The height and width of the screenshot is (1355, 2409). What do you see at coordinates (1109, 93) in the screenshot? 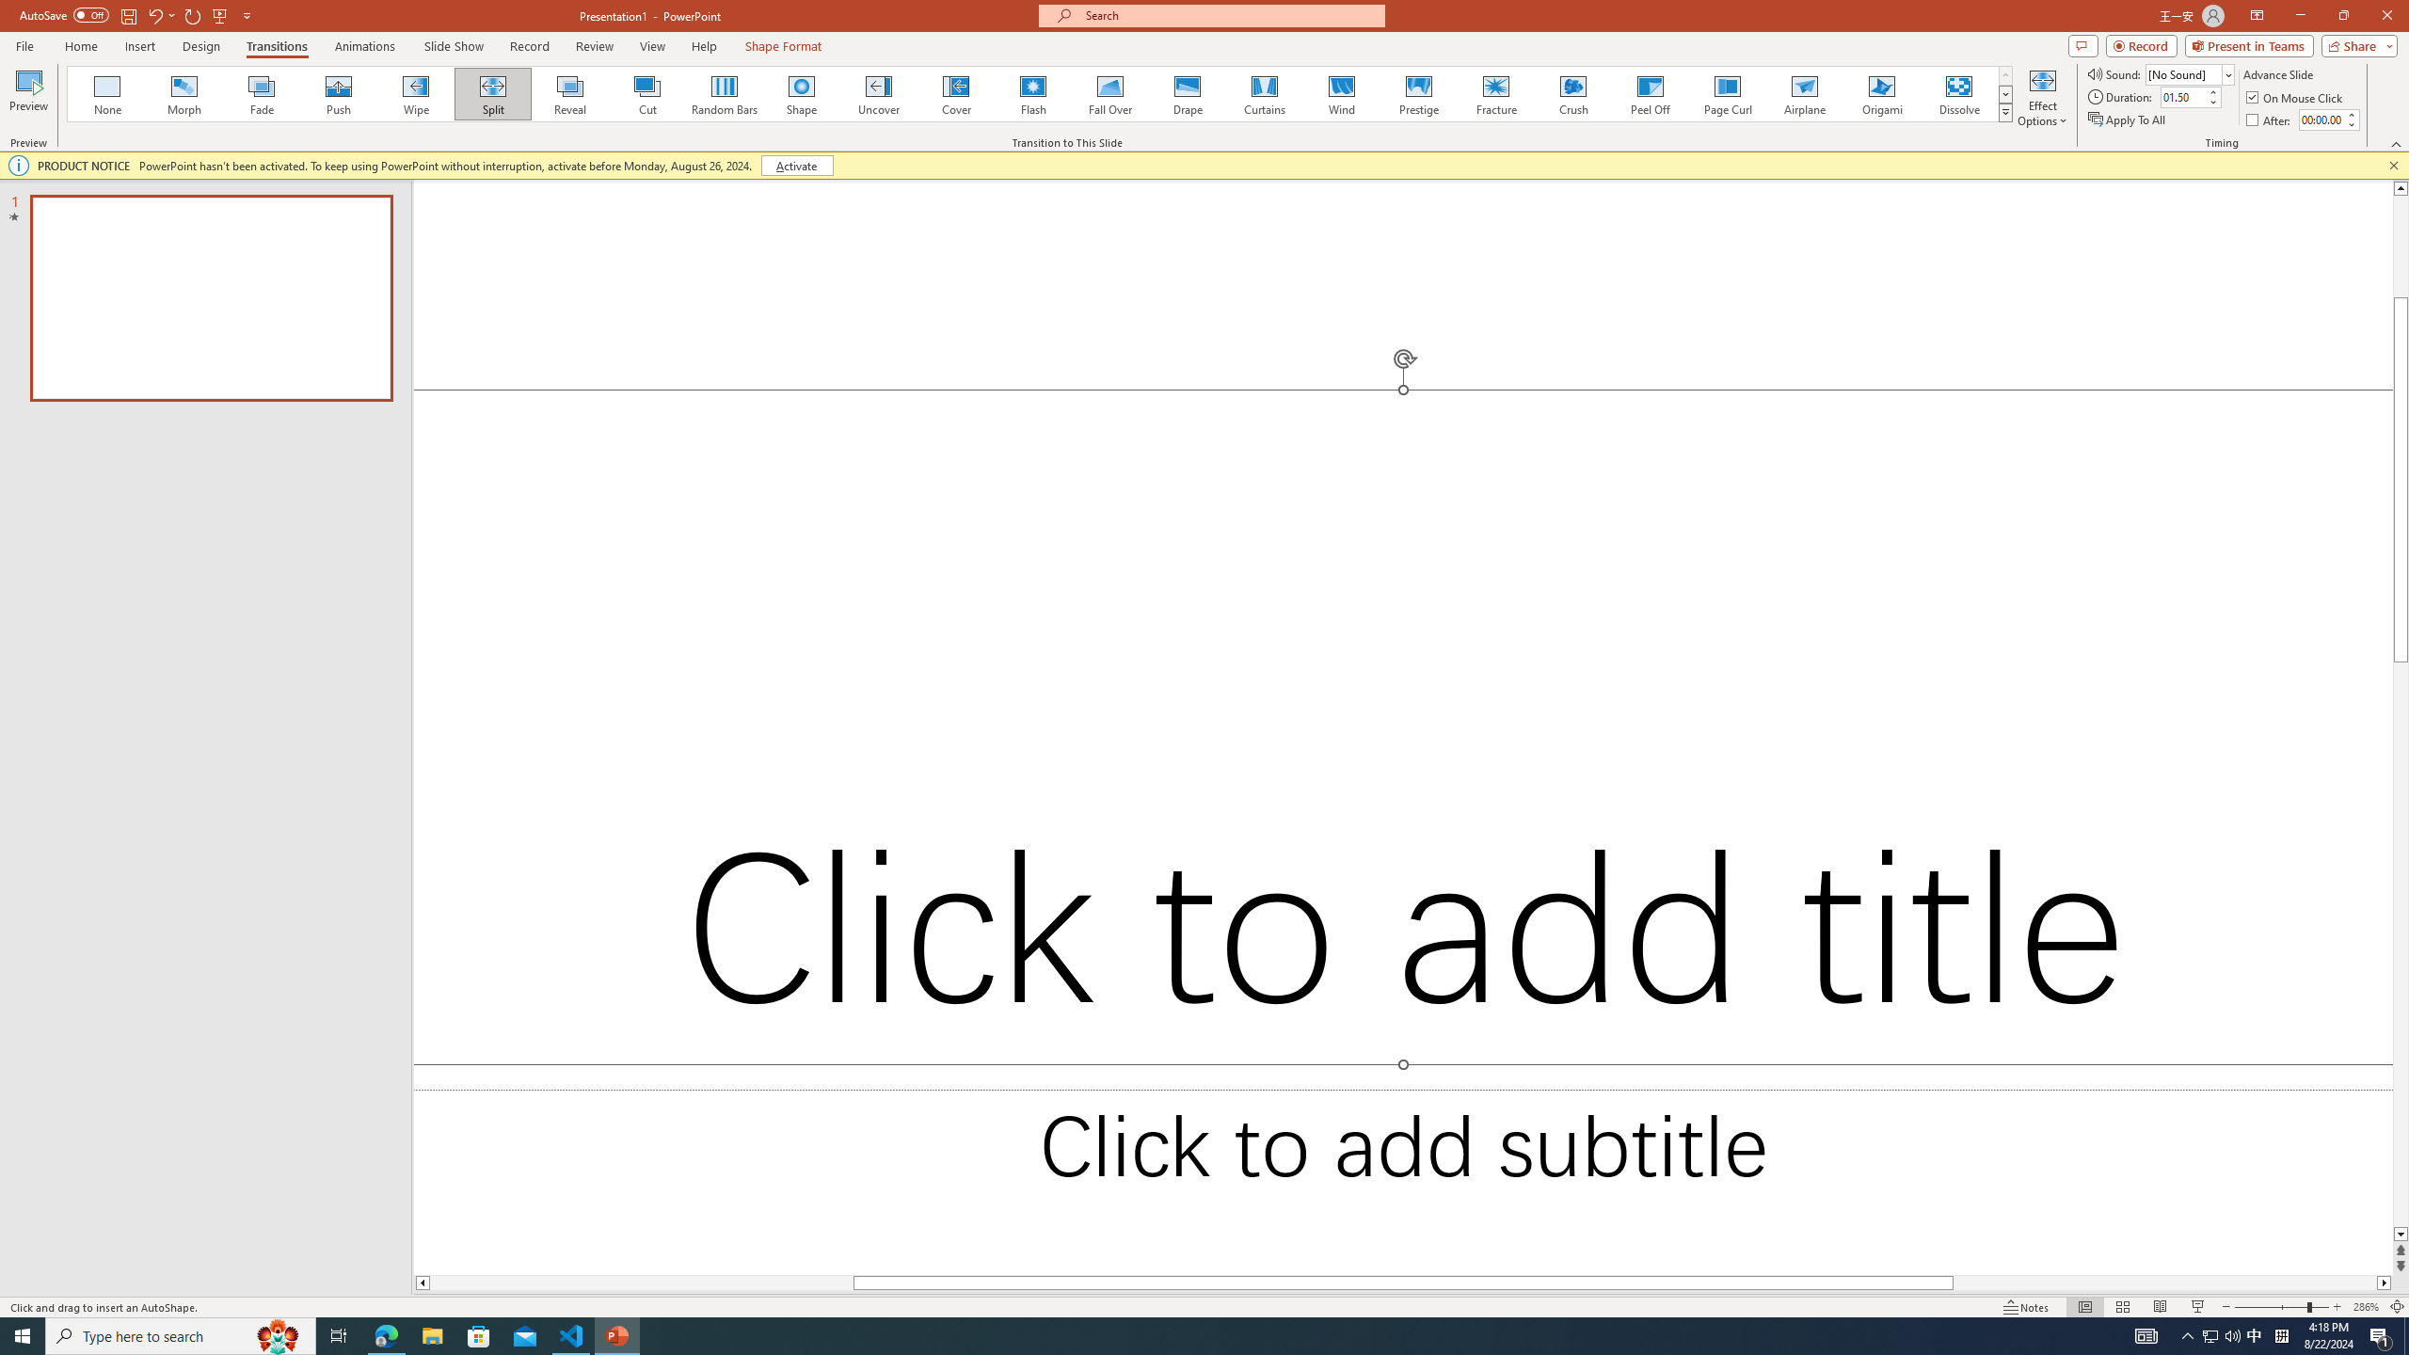
I see `'Fall Over'` at bounding box center [1109, 93].